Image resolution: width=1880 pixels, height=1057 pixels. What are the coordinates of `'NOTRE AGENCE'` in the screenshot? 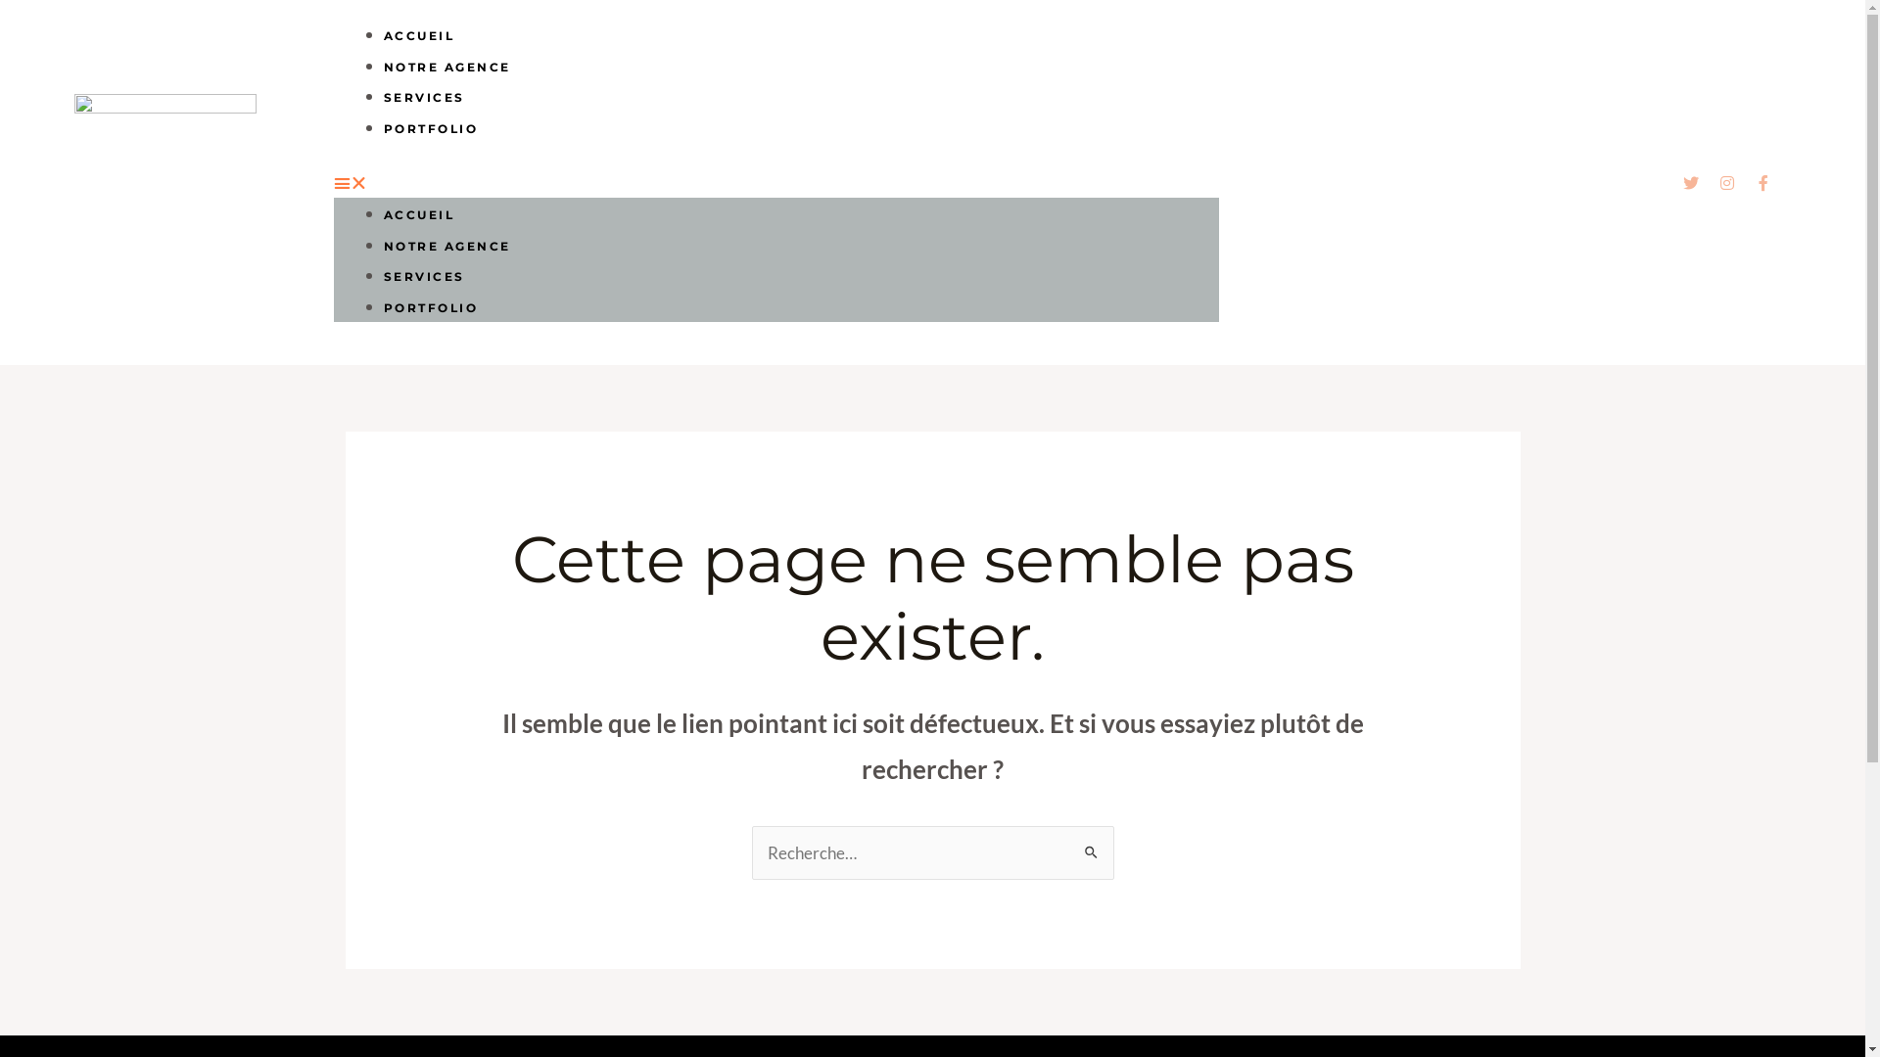 It's located at (446, 245).